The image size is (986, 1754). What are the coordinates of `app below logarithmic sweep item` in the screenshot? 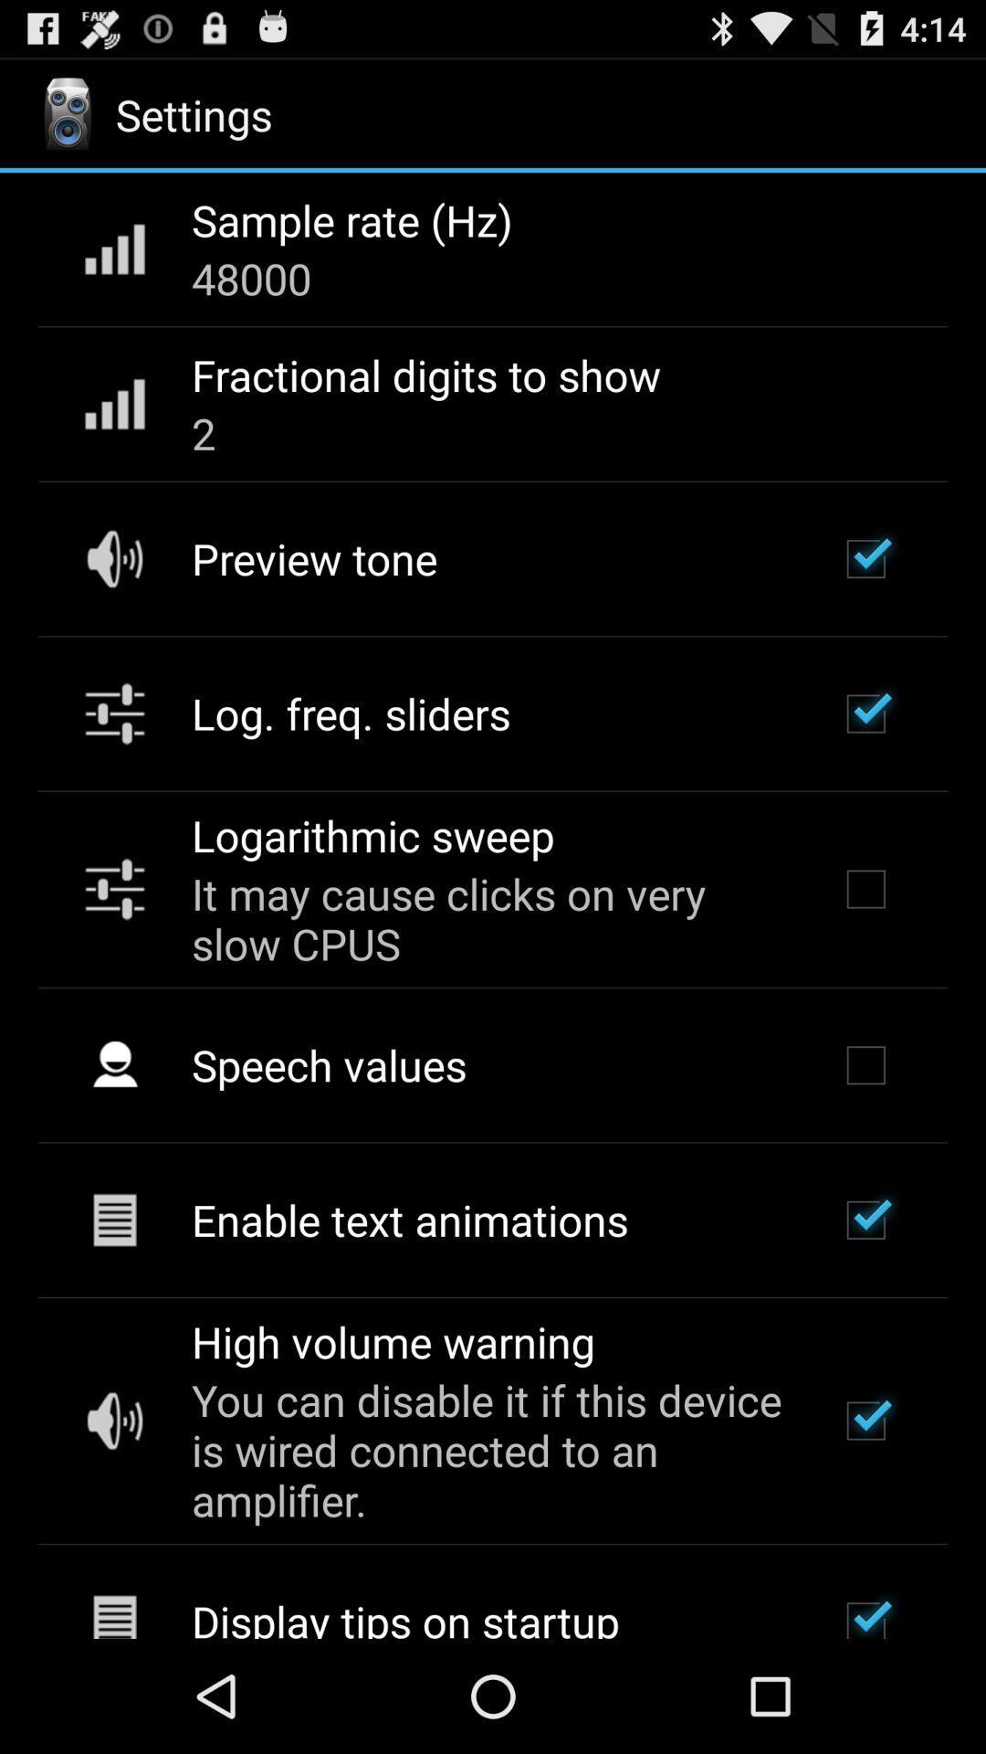 It's located at (489, 918).